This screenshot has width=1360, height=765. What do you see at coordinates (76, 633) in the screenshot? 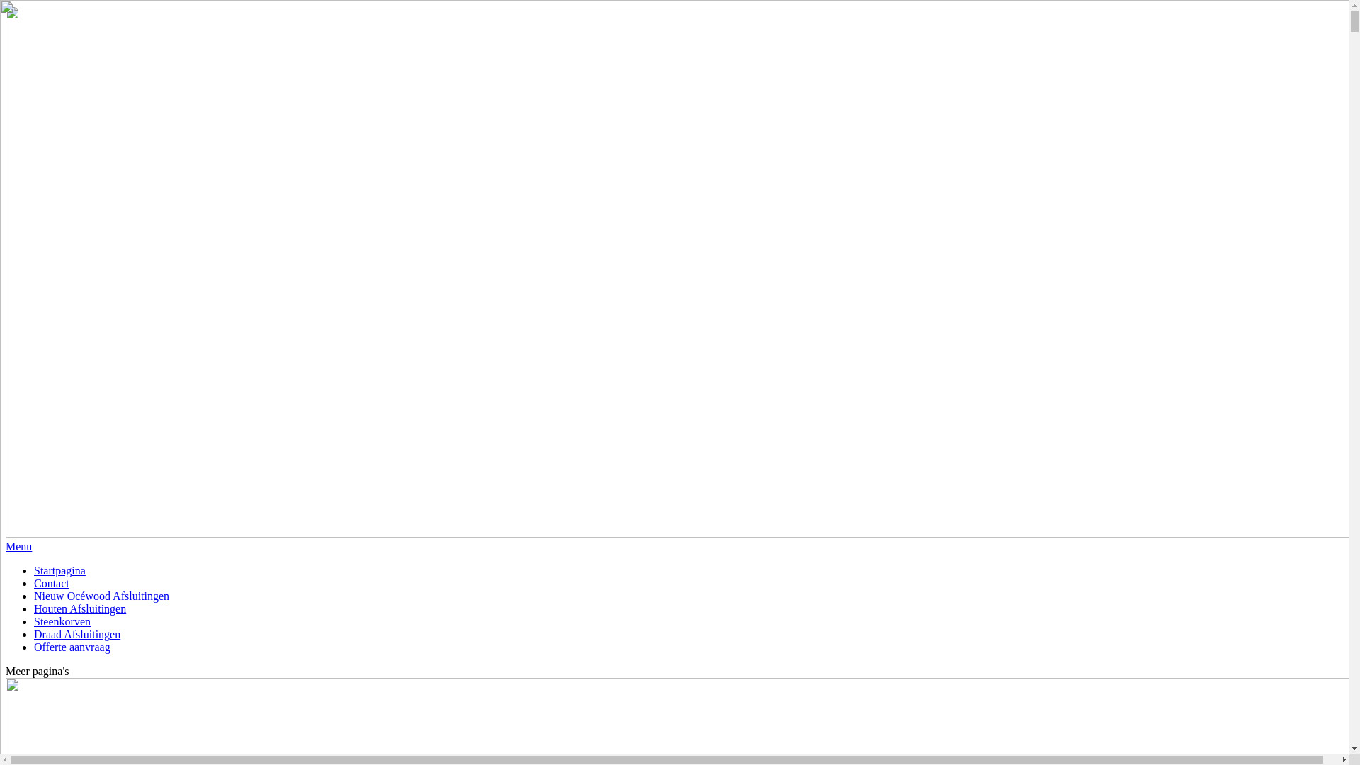
I see `'Draad Afsluitingen'` at bounding box center [76, 633].